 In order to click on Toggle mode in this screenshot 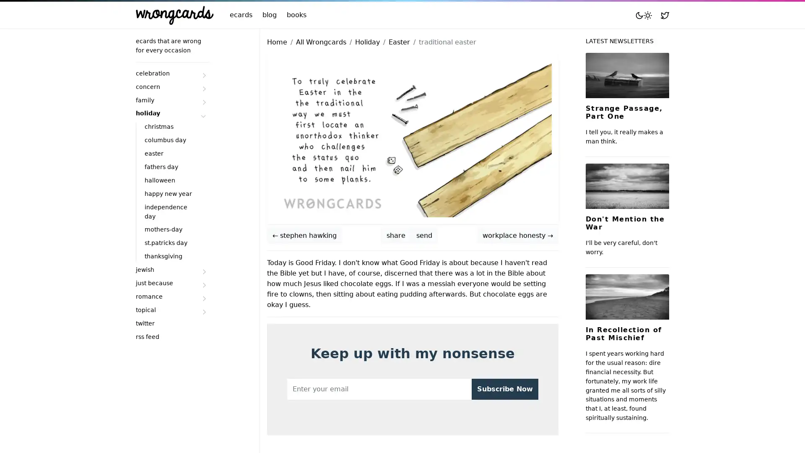, I will do `click(643, 15)`.